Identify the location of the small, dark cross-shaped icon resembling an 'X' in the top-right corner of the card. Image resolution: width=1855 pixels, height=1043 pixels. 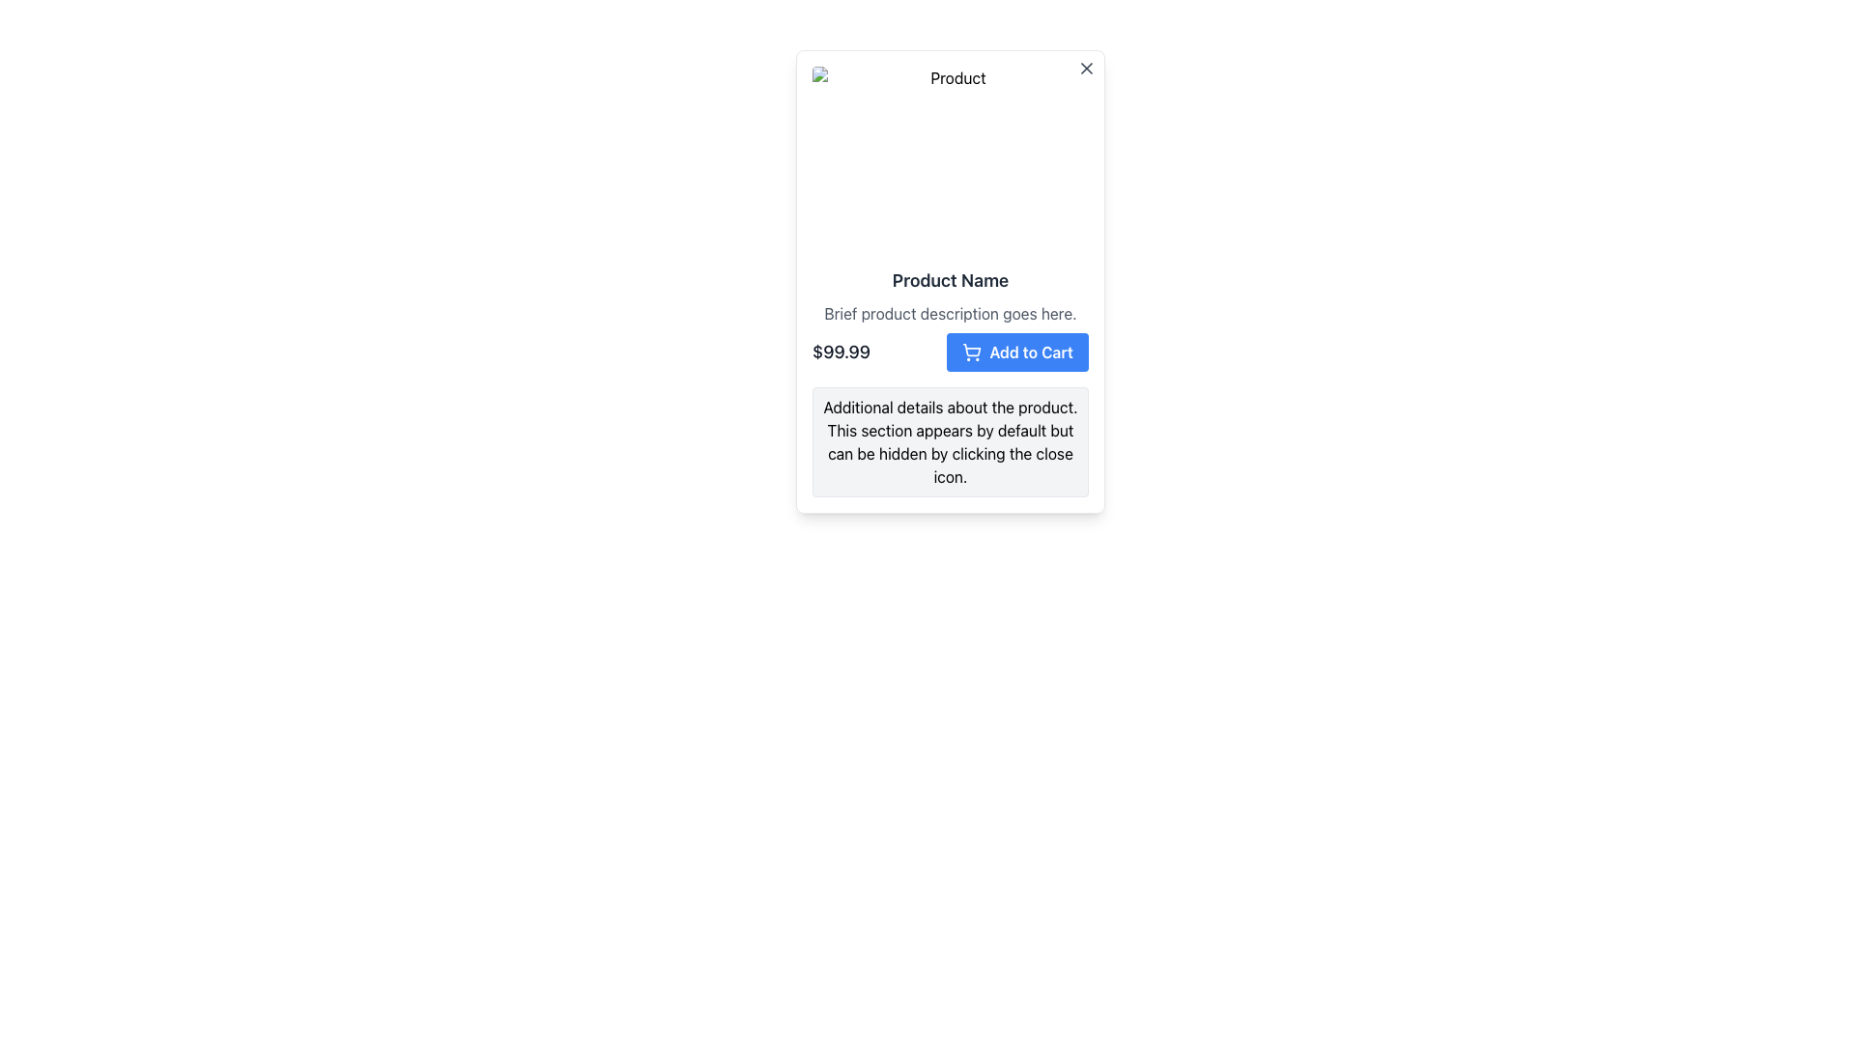
(1086, 67).